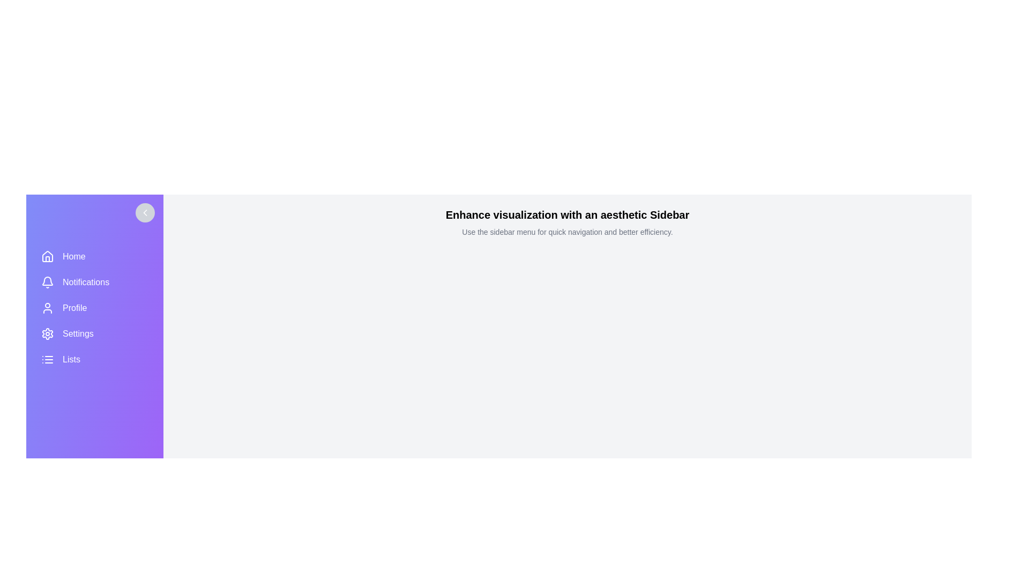 The image size is (1029, 579). What do you see at coordinates (95, 360) in the screenshot?
I see `the menu item Lists in the sidebar to navigate` at bounding box center [95, 360].